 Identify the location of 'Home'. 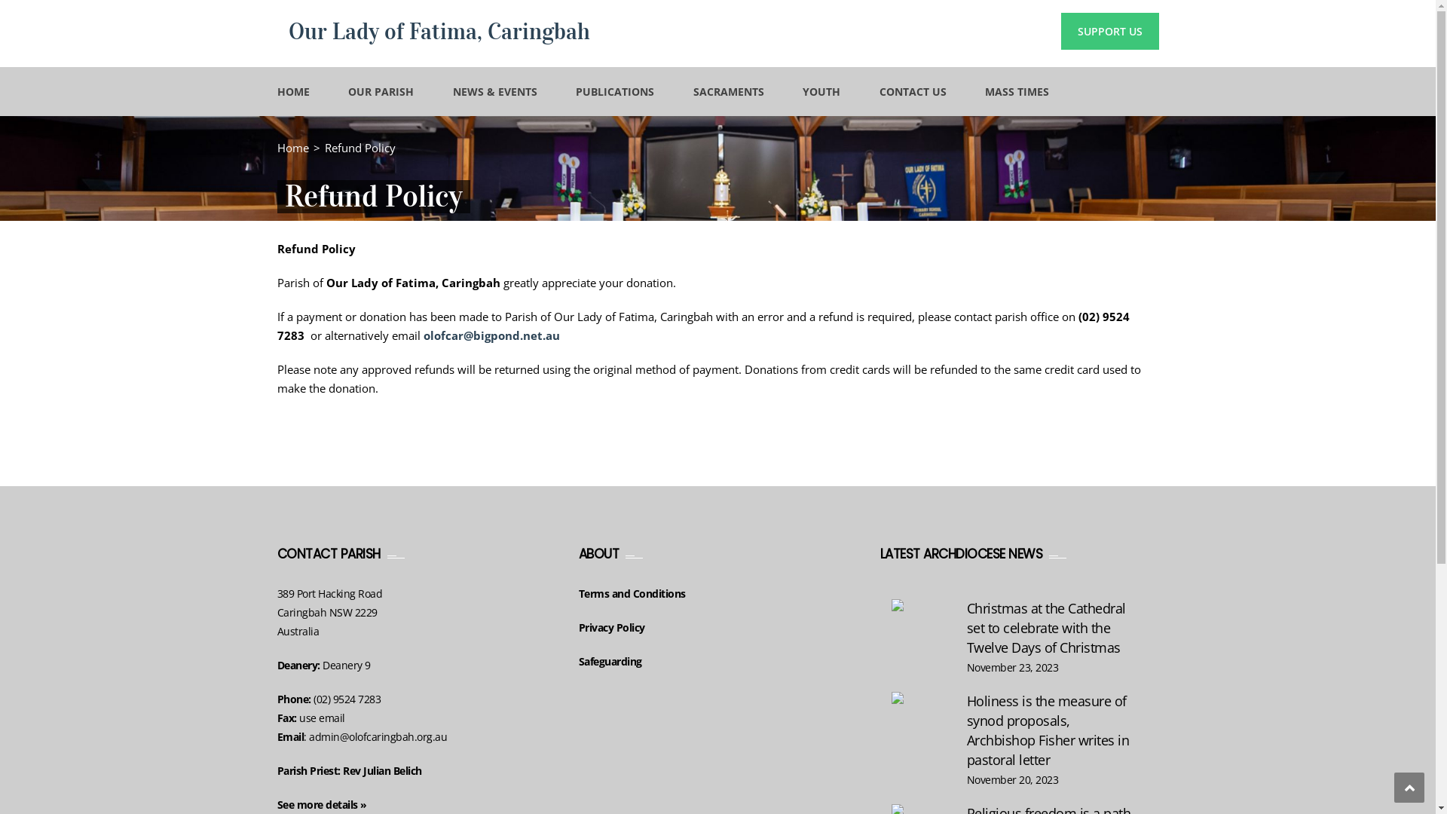
(277, 148).